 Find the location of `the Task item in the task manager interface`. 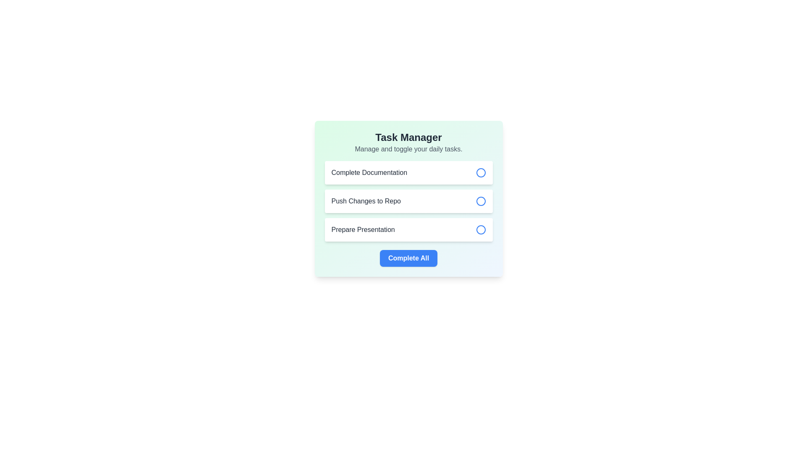

the Task item in the task manager interface is located at coordinates (408, 229).